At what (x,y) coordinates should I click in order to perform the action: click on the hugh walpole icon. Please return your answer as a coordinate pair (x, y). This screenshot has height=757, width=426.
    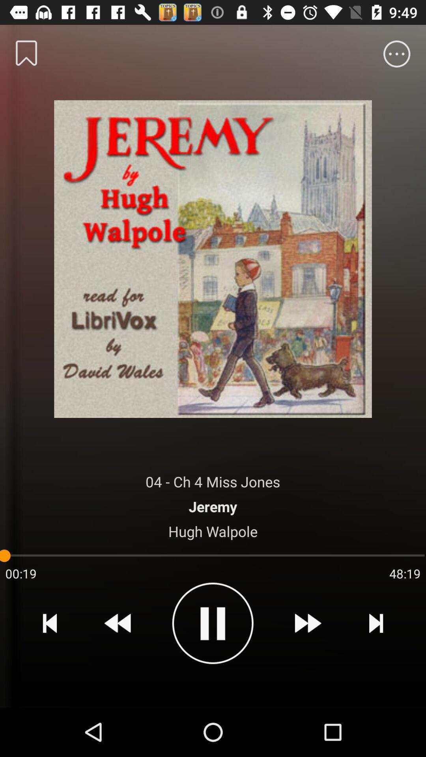
    Looking at the image, I should click on (213, 531).